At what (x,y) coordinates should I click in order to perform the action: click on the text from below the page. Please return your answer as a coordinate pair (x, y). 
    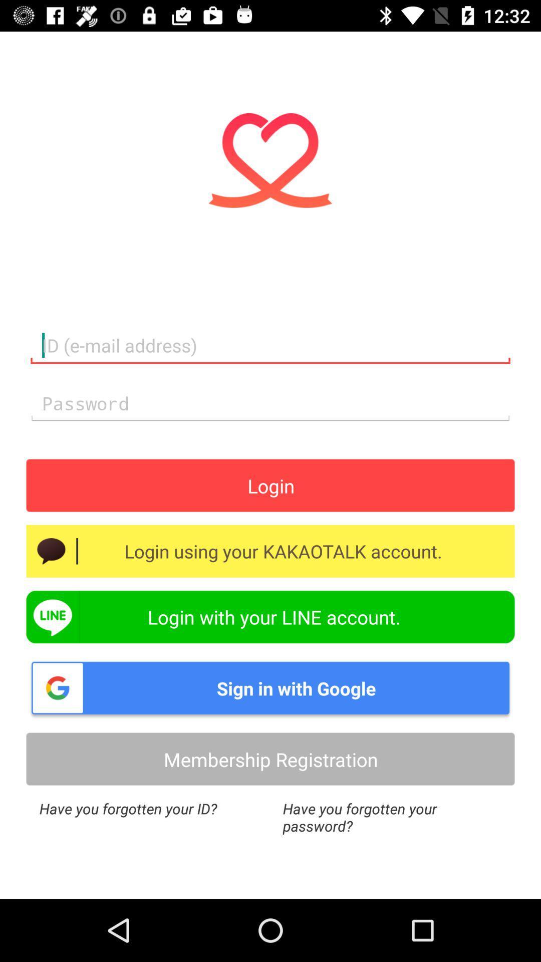
    Looking at the image, I should click on (392, 817).